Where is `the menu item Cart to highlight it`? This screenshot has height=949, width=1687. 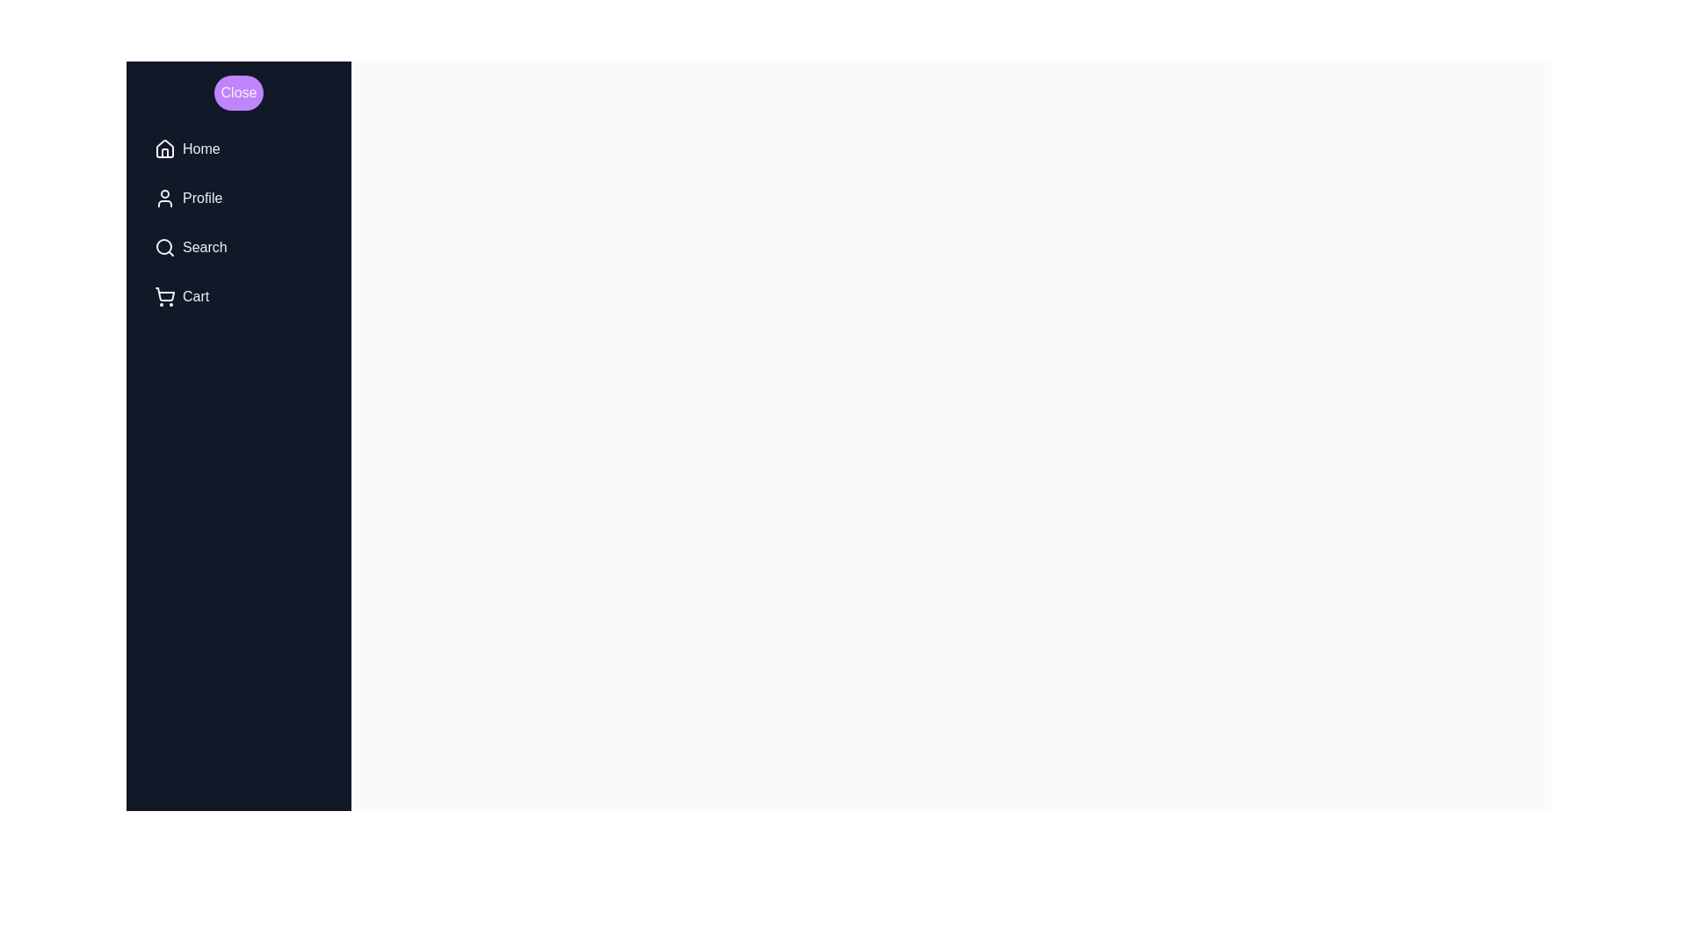 the menu item Cart to highlight it is located at coordinates (238, 296).